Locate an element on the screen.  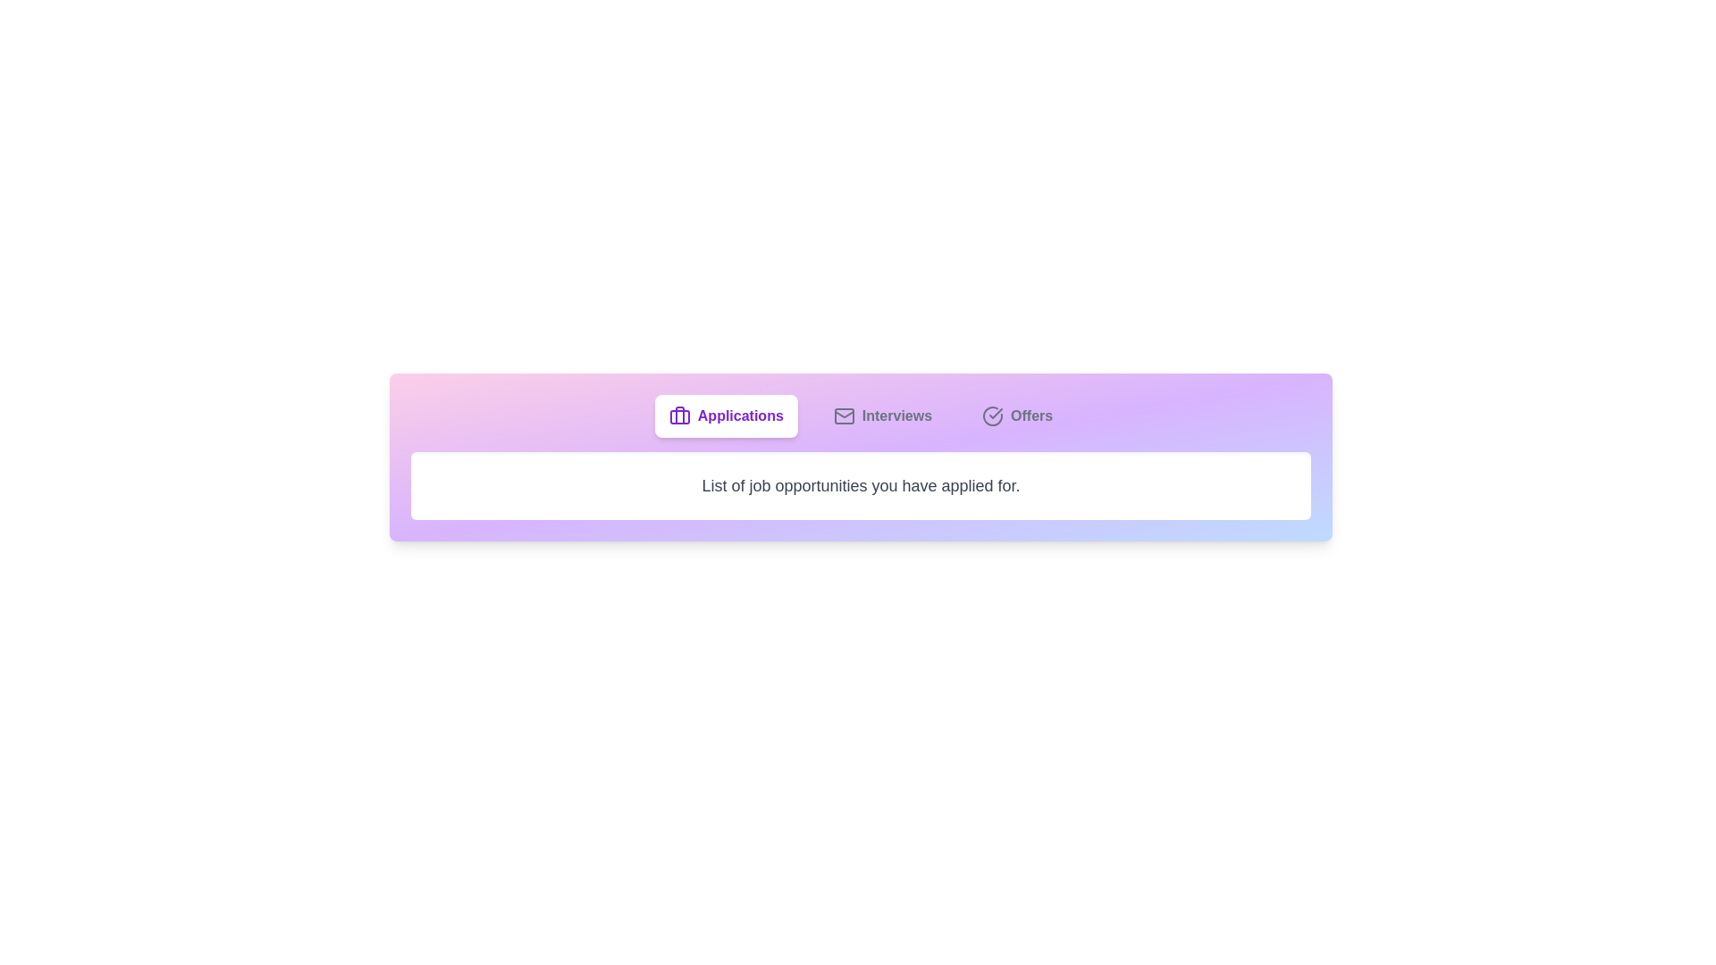
the Interviews tab to observe its hover effect is located at coordinates (882, 416).